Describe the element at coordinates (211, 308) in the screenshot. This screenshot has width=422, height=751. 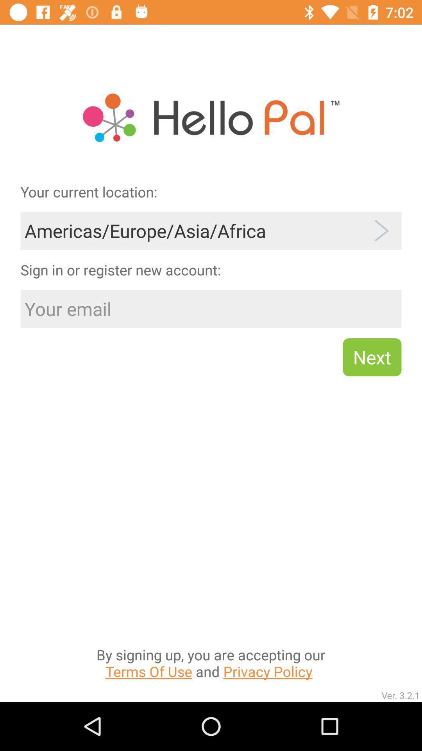
I see `the icon below sign in or item` at that location.